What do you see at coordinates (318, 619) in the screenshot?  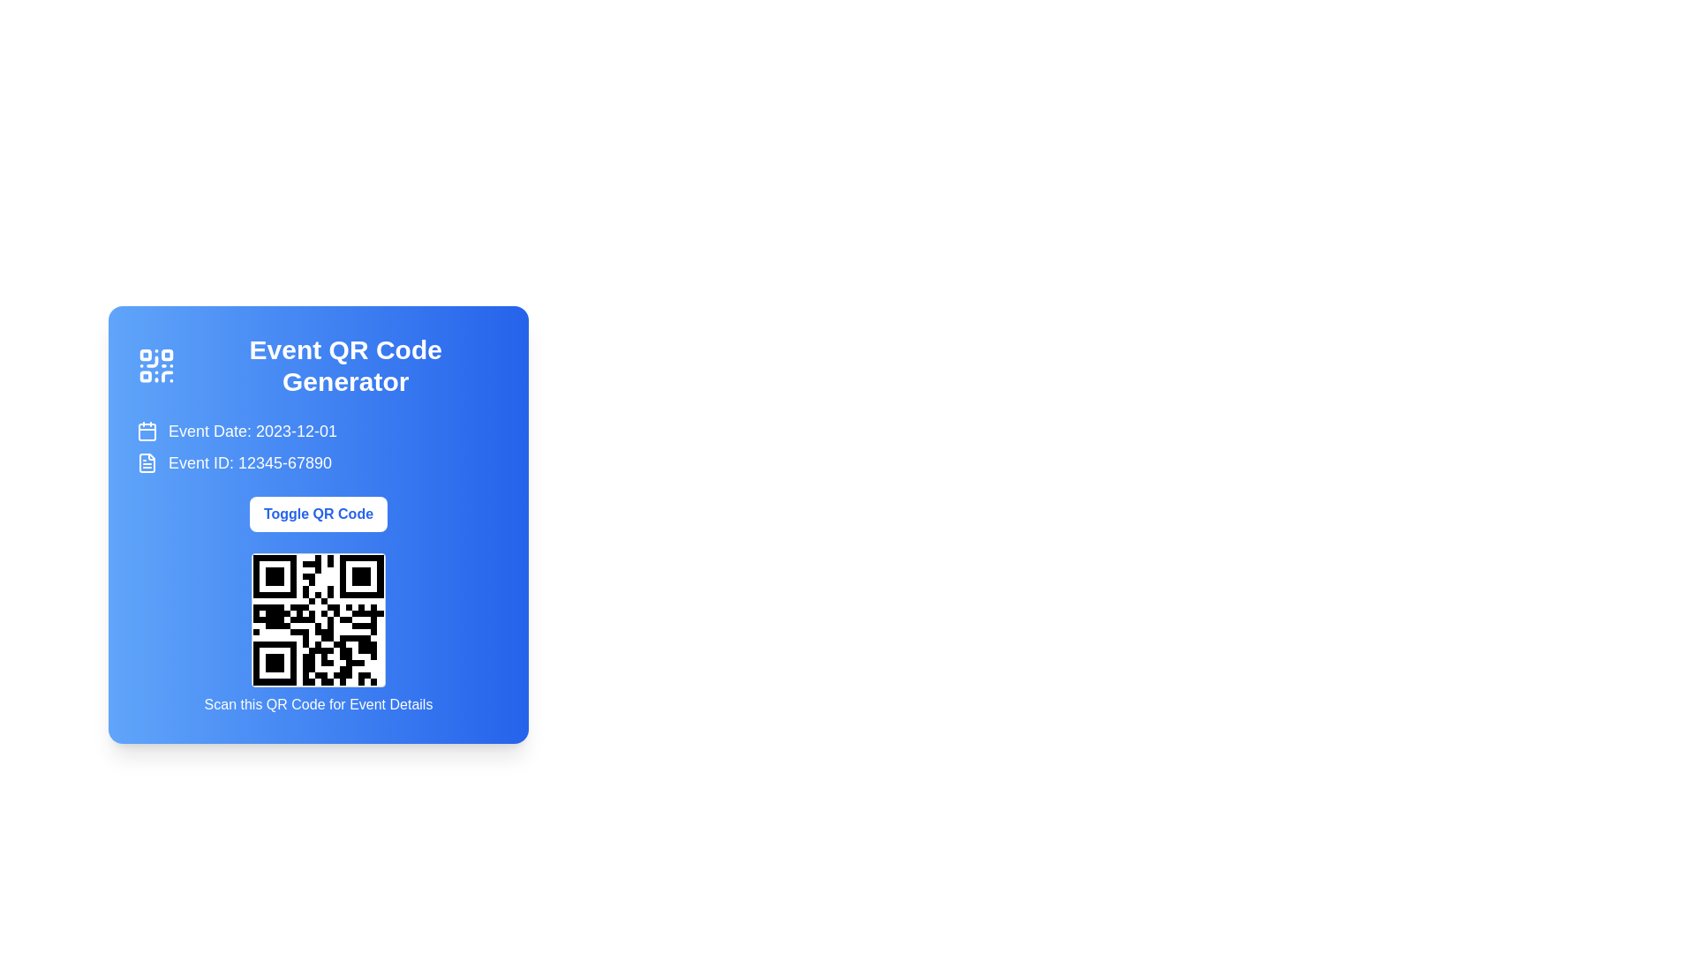 I see `the square QR code image with a gray border and rounded corners, which is centered above the caption 'Scan this QR Code for Event Details' in a blue card layout` at bounding box center [318, 619].